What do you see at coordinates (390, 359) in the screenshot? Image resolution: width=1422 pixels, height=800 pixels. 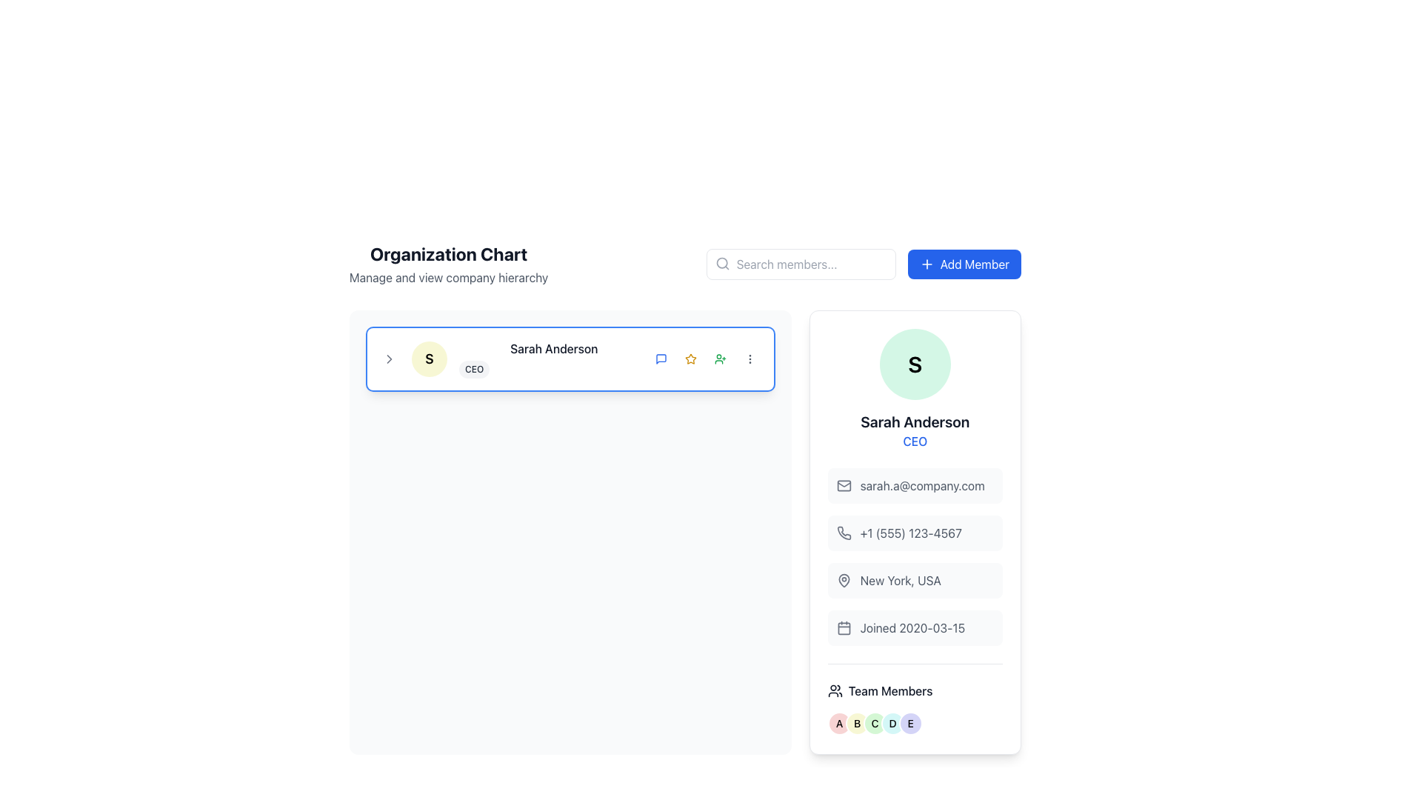 I see `the right-facing chevron icon button located on the leftmost side of a horizontally-aligned row within an organization chart card` at bounding box center [390, 359].